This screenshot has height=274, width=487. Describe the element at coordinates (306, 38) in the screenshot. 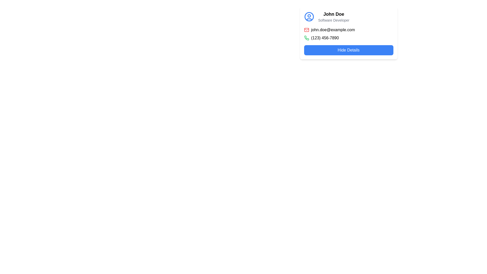

I see `the associated phone number by interacting with the green phone icon located within the contact information card, adjacent to the phone number '(123) 456-7890'` at that location.